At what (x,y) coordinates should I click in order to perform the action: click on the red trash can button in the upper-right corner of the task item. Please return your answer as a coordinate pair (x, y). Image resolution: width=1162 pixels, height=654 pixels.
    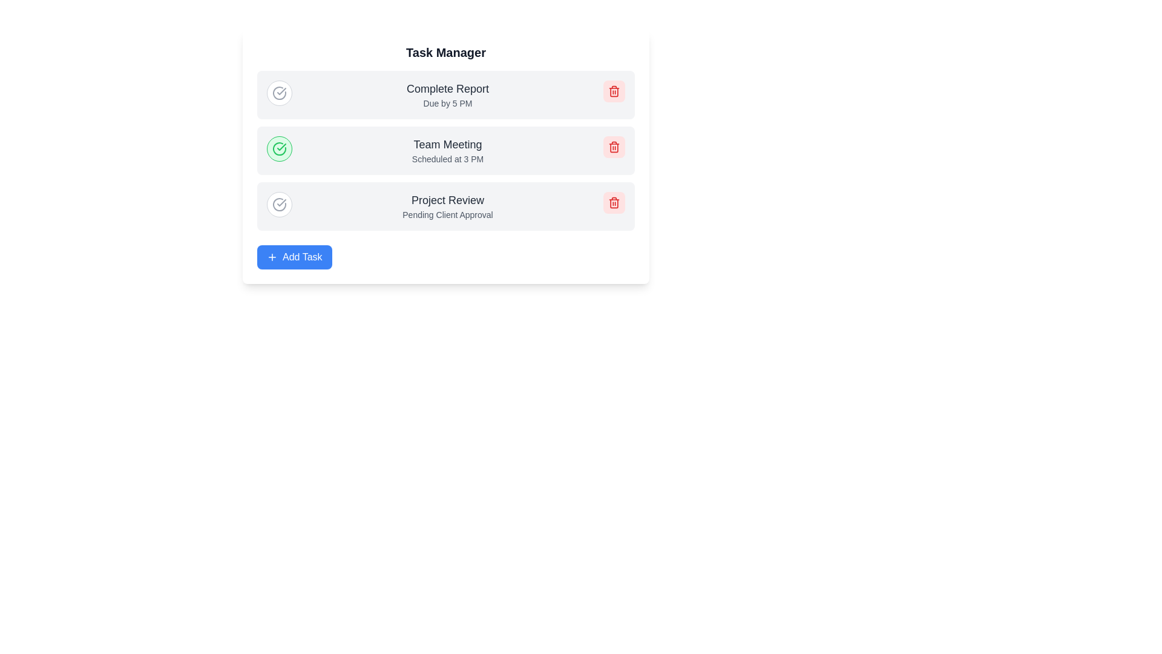
    Looking at the image, I should click on (614, 147).